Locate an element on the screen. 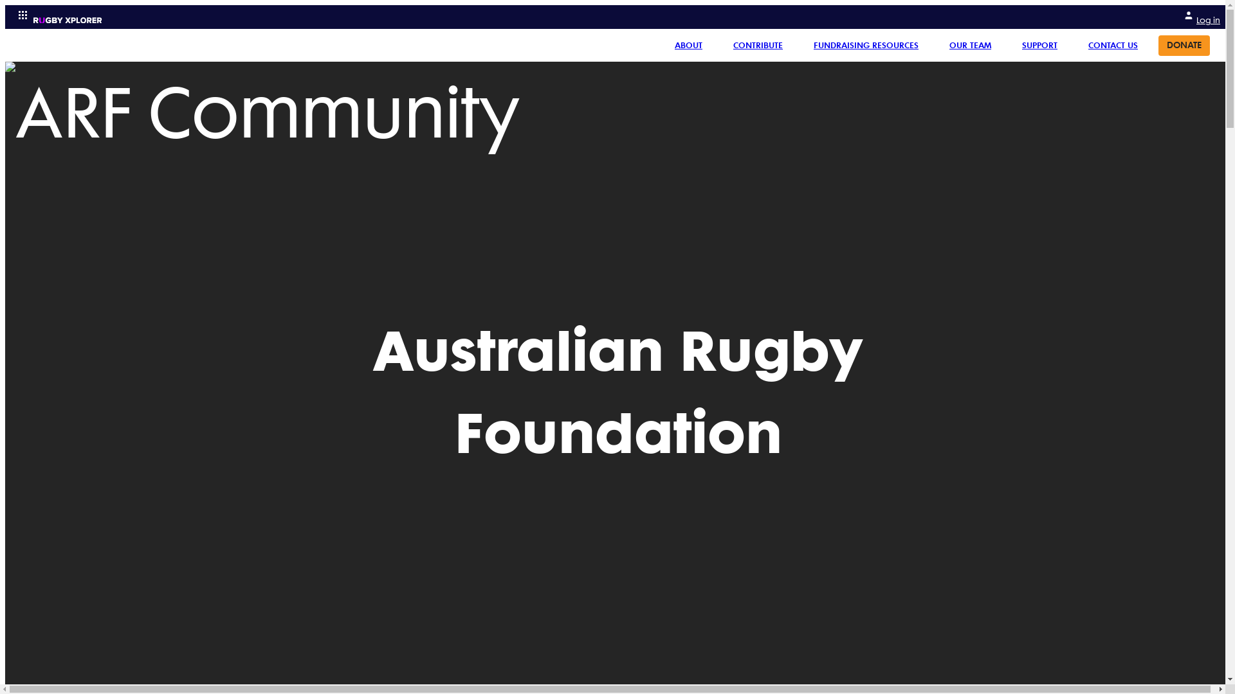 The width and height of the screenshot is (1235, 694). 'OUR TEAM' is located at coordinates (970, 44).